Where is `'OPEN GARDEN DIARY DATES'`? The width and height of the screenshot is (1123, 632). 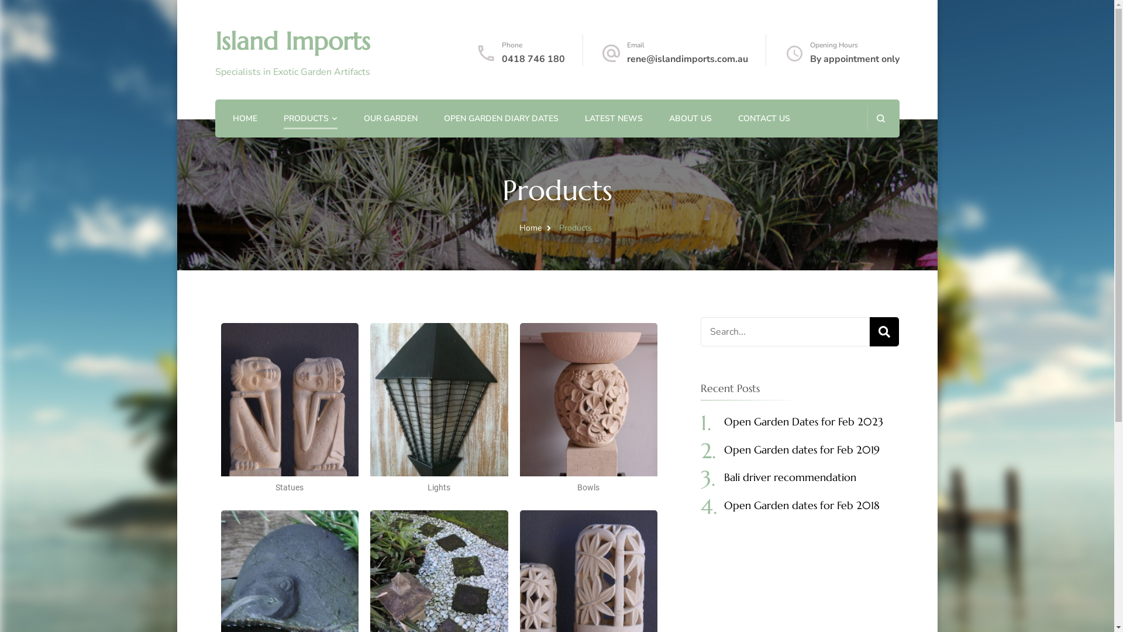
'OPEN GARDEN DIARY DATES' is located at coordinates (500, 119).